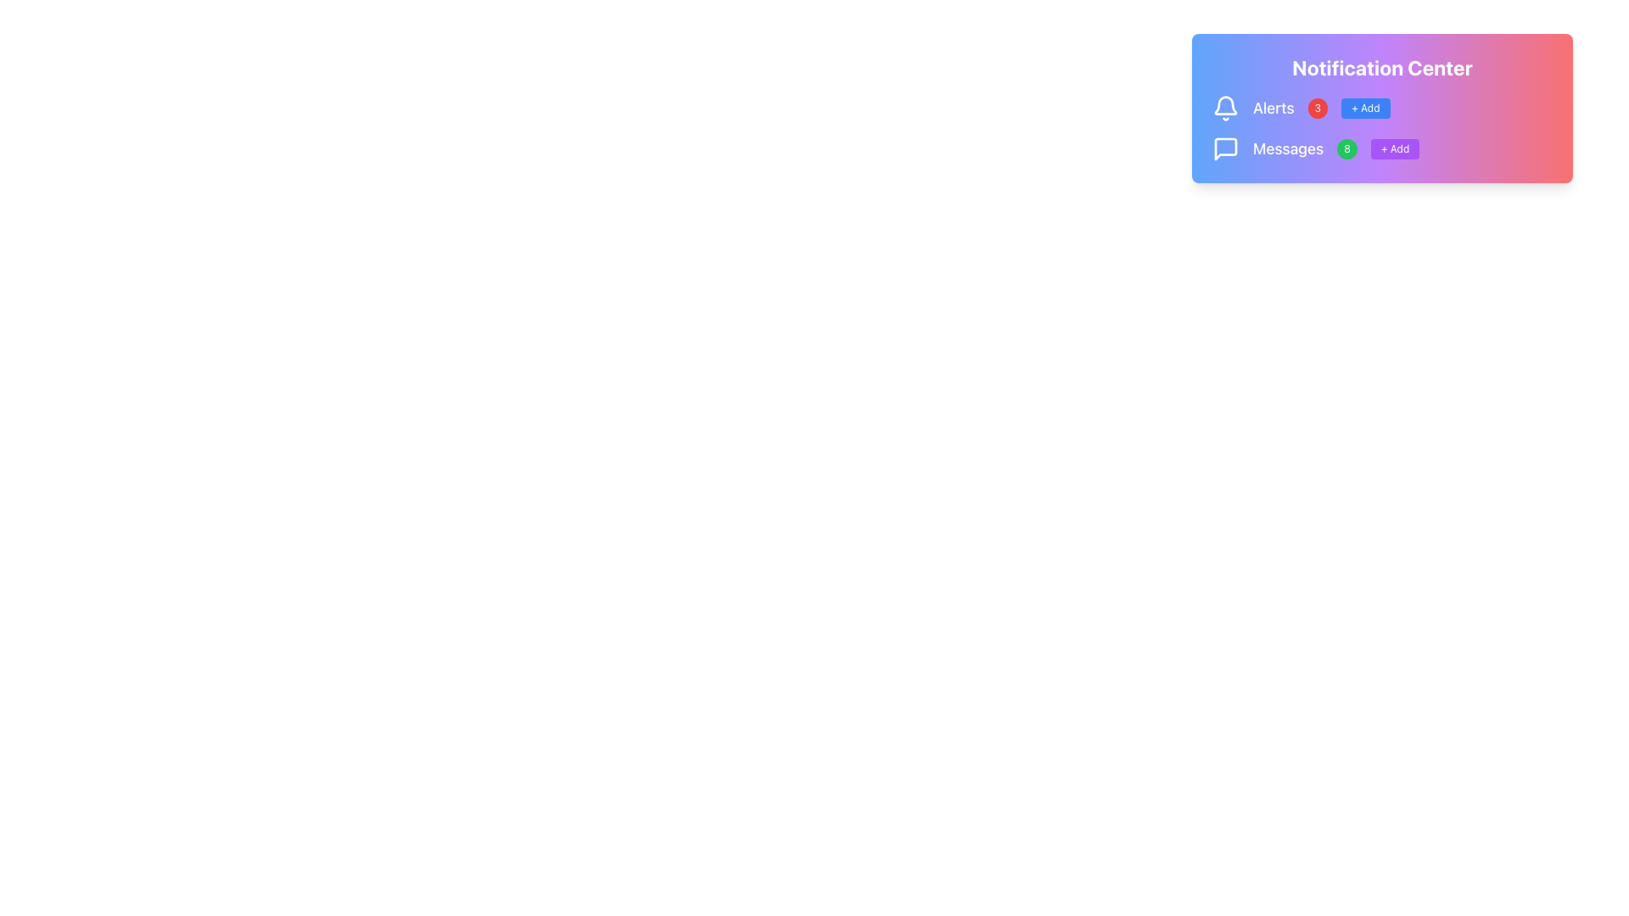  I want to click on the notification bell icon located in the Notification Center panel, to the left of the text labeled 'Alerts', so click(1225, 105).